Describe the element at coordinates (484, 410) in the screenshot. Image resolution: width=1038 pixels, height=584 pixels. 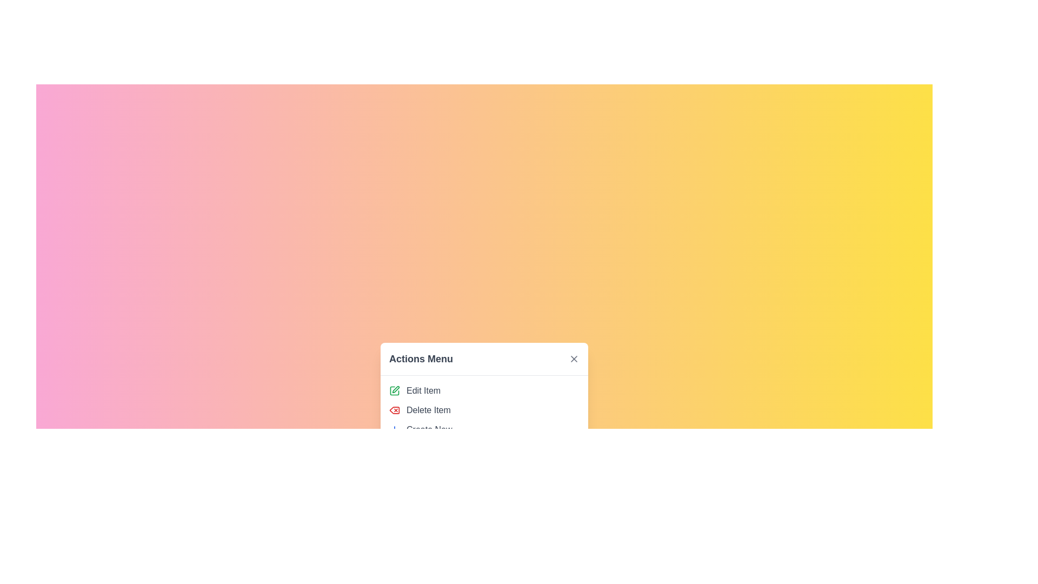
I see `the second menu item, which triggers the deletion action for an associated item in the list` at that location.